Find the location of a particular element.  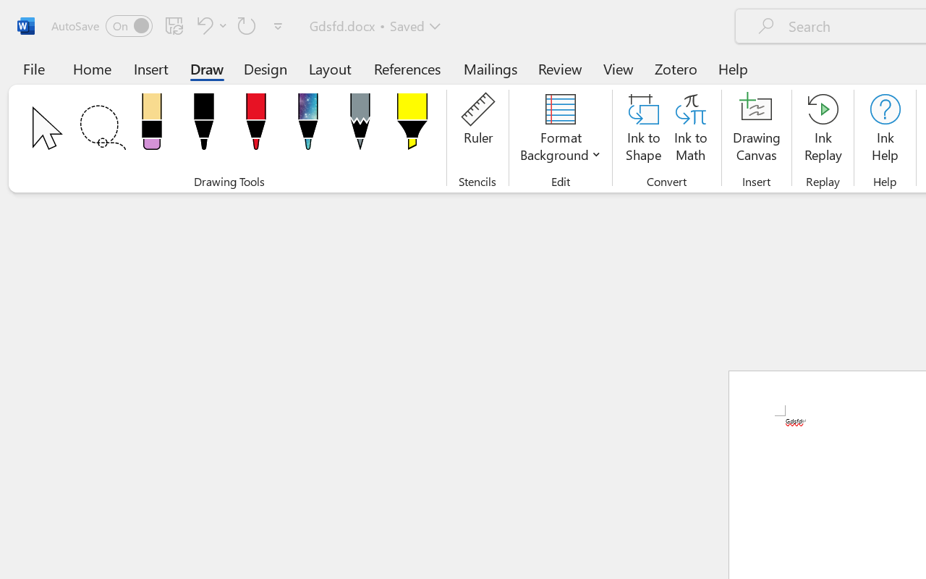

'Highlighter: Yellow, 6 mm' is located at coordinates (411, 125).